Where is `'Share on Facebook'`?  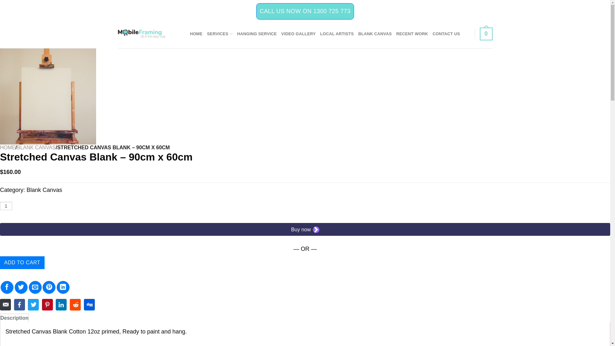 'Share on Facebook' is located at coordinates (7, 287).